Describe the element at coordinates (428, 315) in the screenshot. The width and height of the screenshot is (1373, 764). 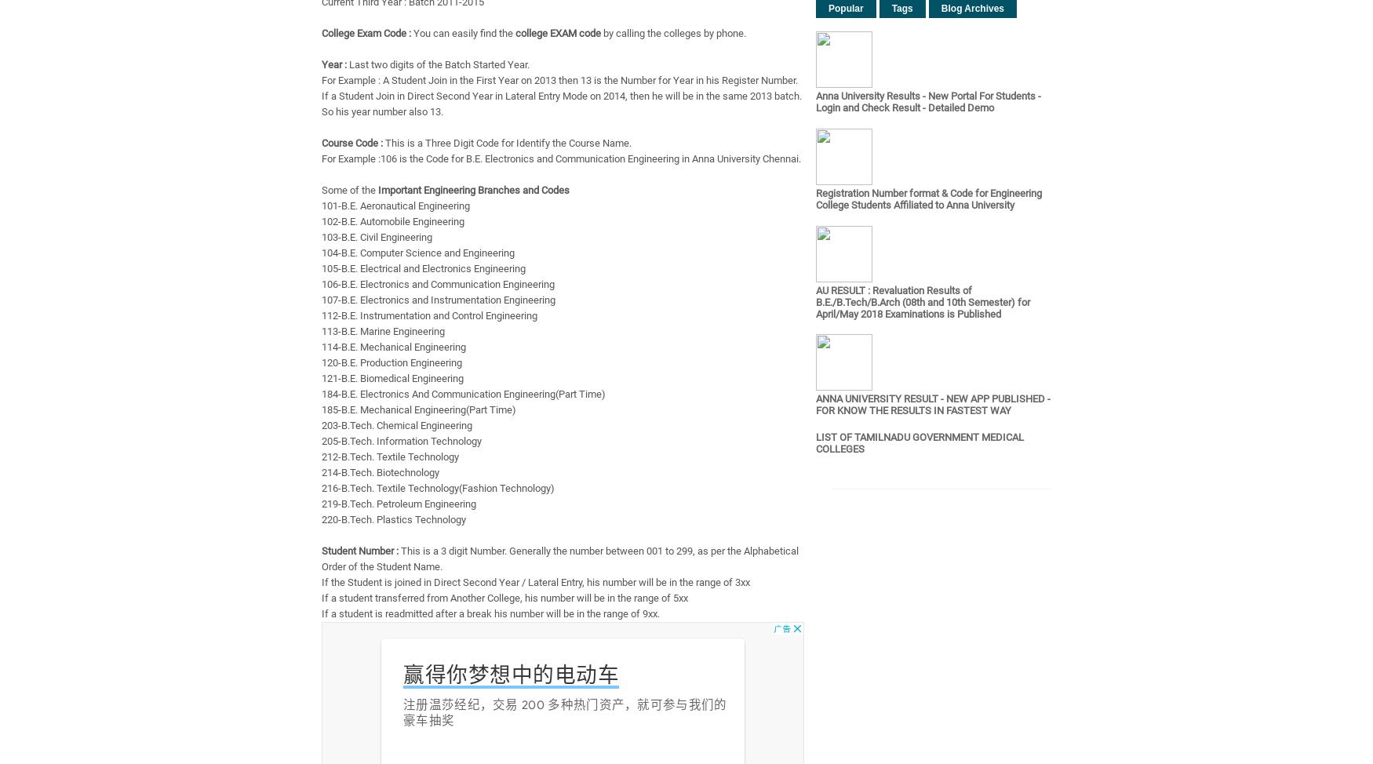
I see `'112-B.E. Instrumentation and Control Engineering'` at that location.